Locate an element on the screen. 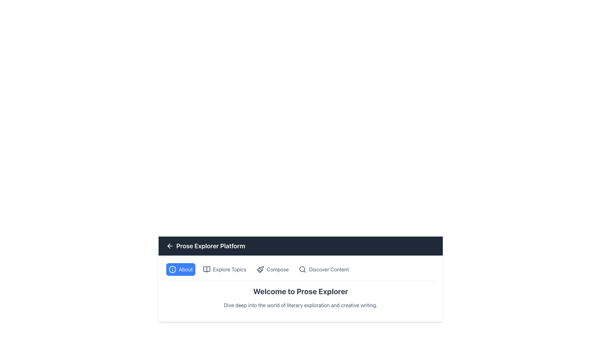 The height and width of the screenshot is (342, 609). the 'Explore Topics' option in the horizontal navigation menu located near the top center of the content section is located at coordinates (300, 272).